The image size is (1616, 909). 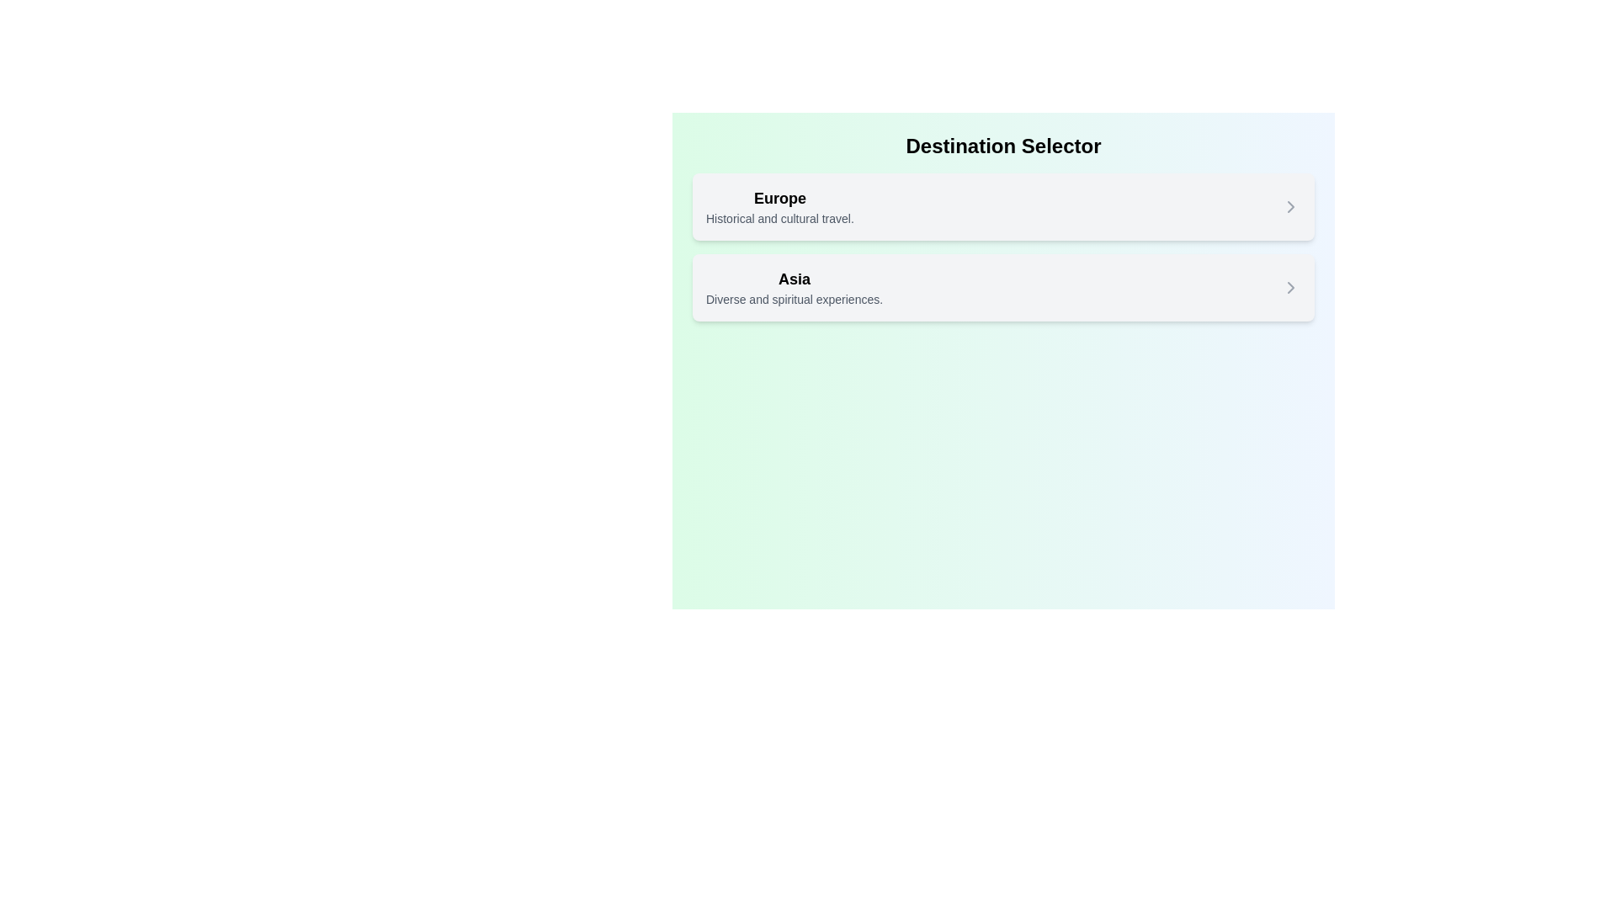 What do you see at coordinates (1290, 287) in the screenshot?
I see `the Chevron Right icon that indicates navigation to further information about 'Asia' located at the rightmost end of the row with the text 'AsiaDiverse and spiritual experiences.'` at bounding box center [1290, 287].